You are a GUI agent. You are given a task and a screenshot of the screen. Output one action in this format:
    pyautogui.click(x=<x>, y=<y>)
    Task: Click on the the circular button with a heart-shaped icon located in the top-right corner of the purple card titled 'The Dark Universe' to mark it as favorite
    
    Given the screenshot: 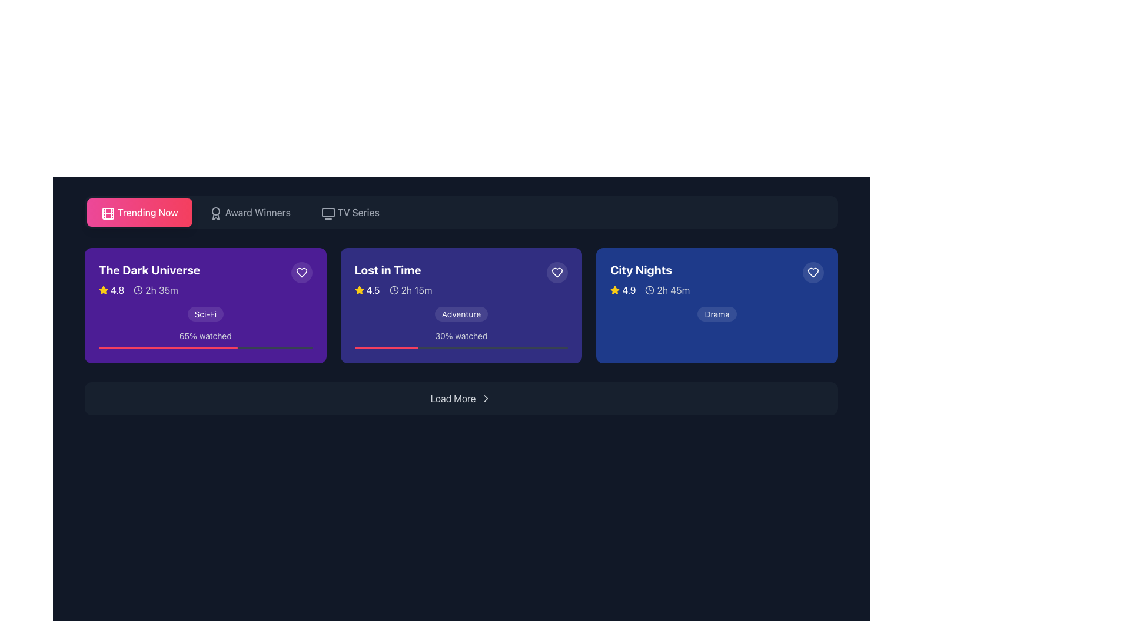 What is the action you would take?
    pyautogui.click(x=301, y=272)
    